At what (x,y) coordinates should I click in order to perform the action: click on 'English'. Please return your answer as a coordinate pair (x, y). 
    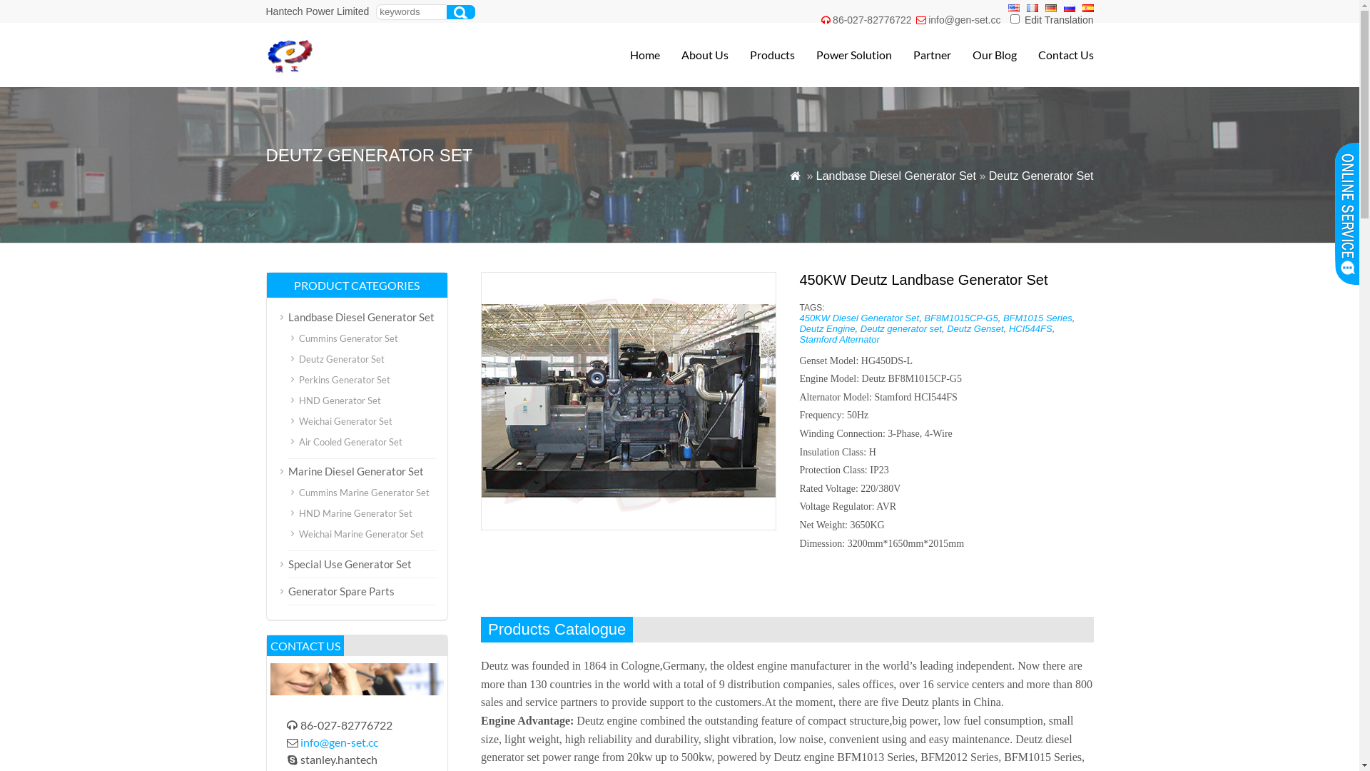
    Looking at the image, I should click on (1013, 8).